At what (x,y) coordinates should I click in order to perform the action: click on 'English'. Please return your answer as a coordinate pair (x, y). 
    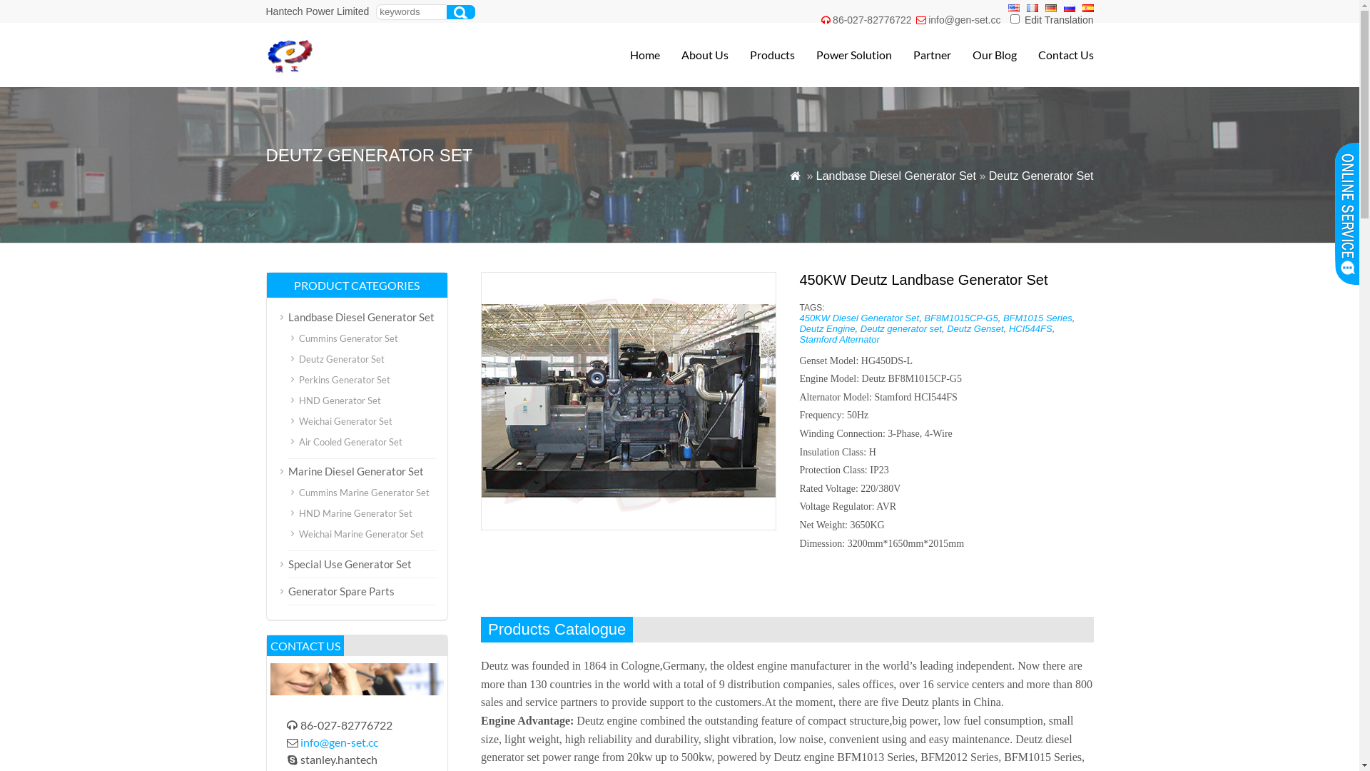
    Looking at the image, I should click on (1013, 8).